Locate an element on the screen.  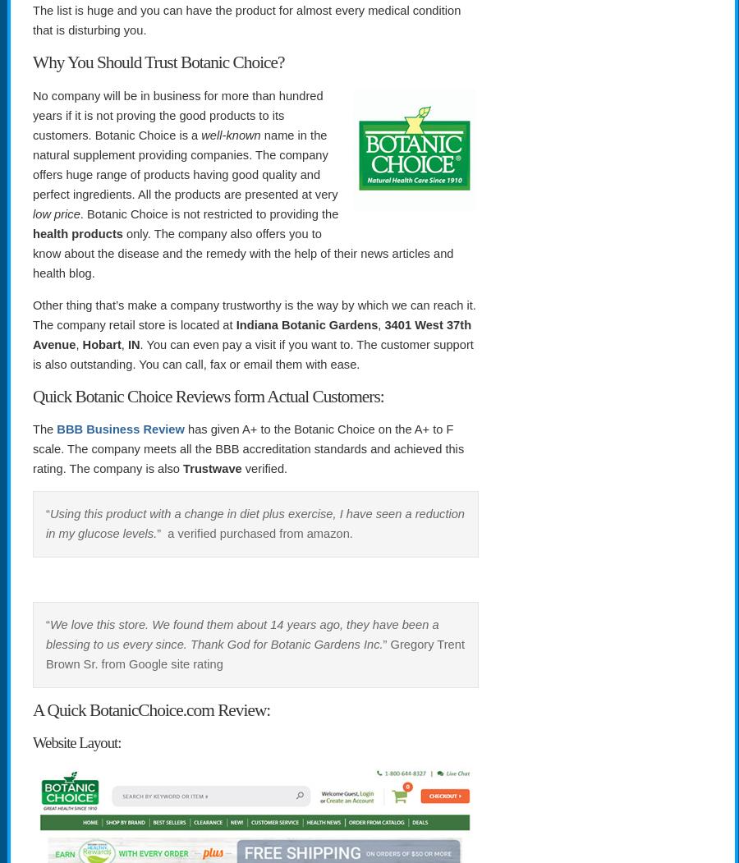
'”  a verified purchased from amazon.' is located at coordinates (253, 534).